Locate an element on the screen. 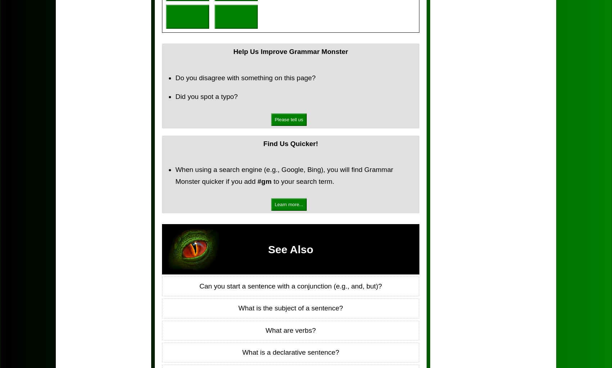  'Do you disagree with something on this page?' is located at coordinates (245, 77).